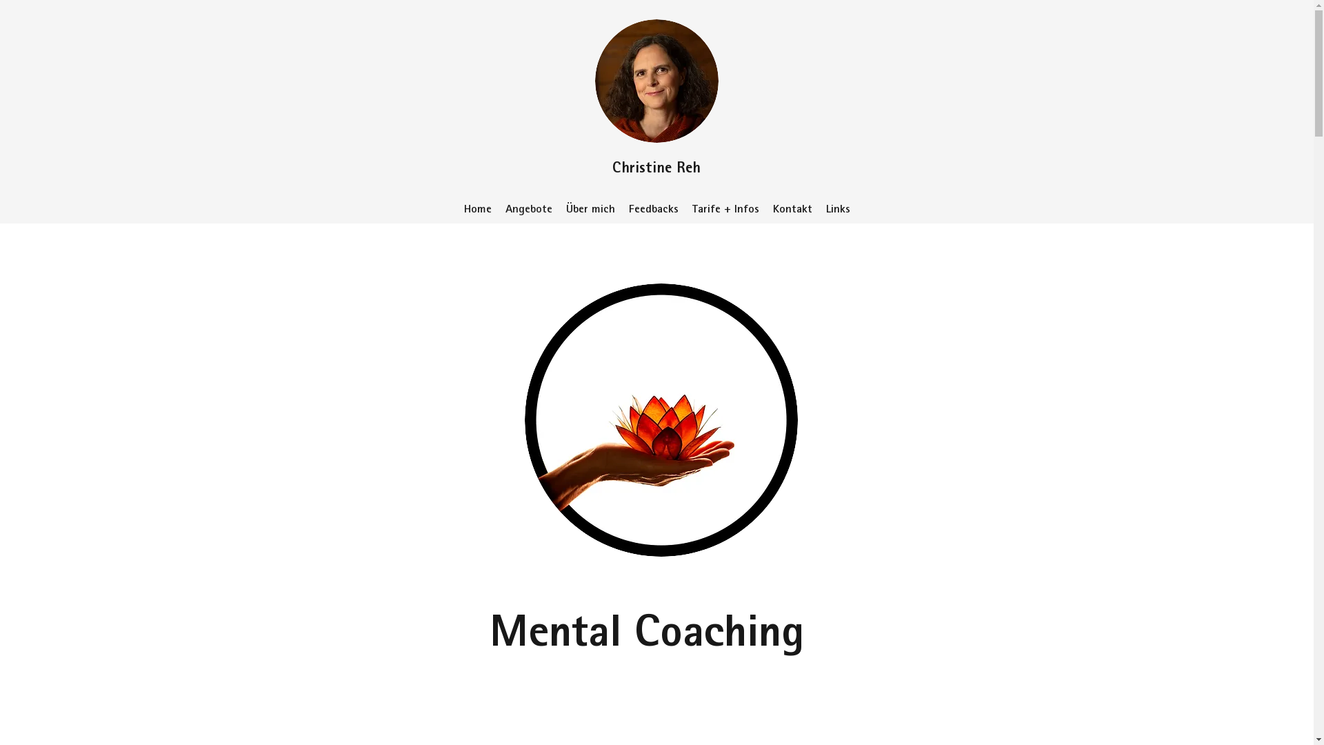  I want to click on 'Angebote', so click(496, 210).